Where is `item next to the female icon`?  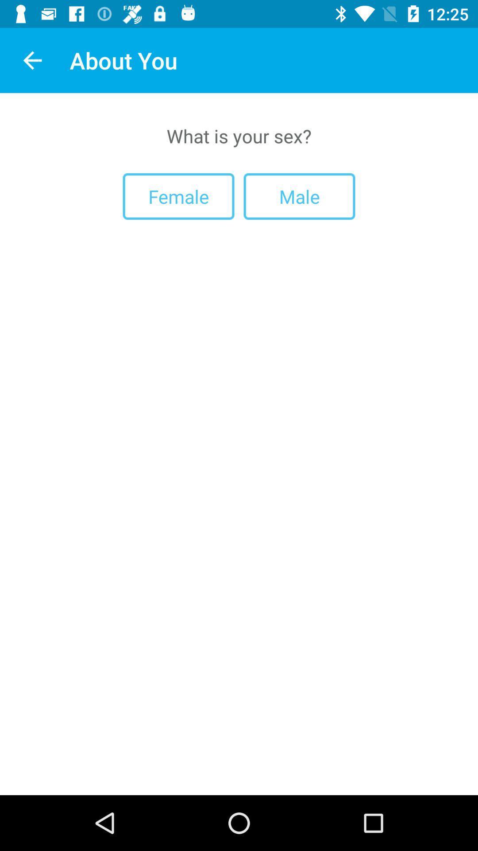 item next to the female icon is located at coordinates (299, 196).